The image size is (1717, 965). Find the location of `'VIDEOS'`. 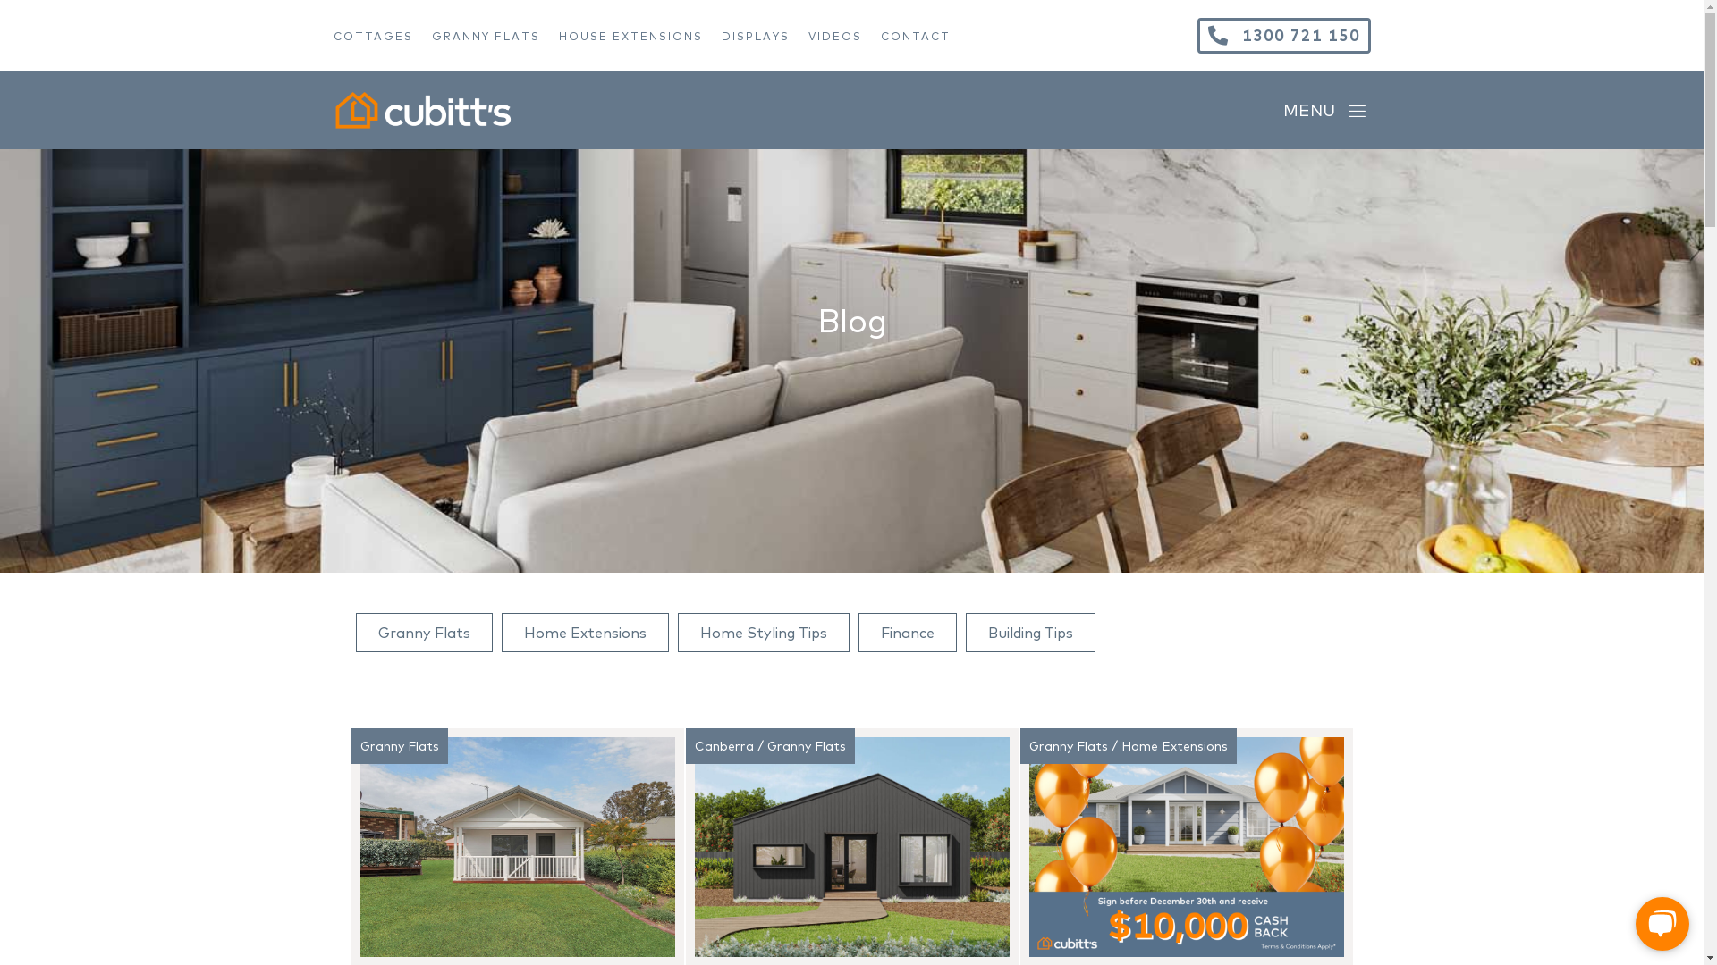

'VIDEOS' is located at coordinates (843, 36).